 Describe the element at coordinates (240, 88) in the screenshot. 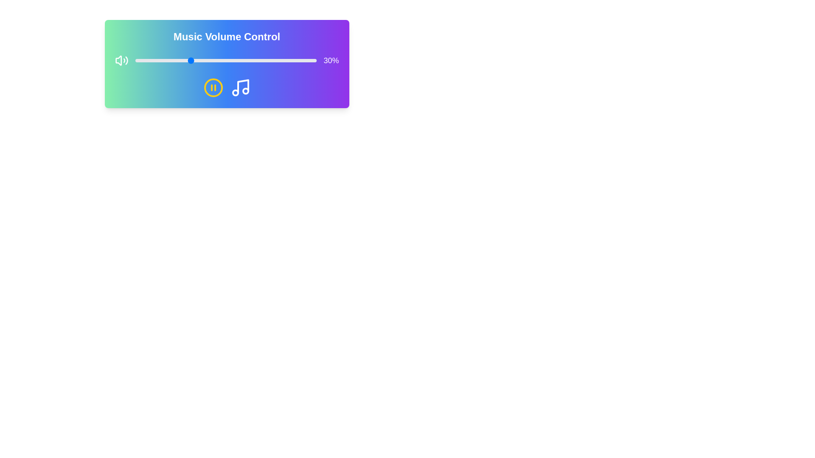

I see `the musical note icon, which is the rightmost icon in the row of icons` at that location.